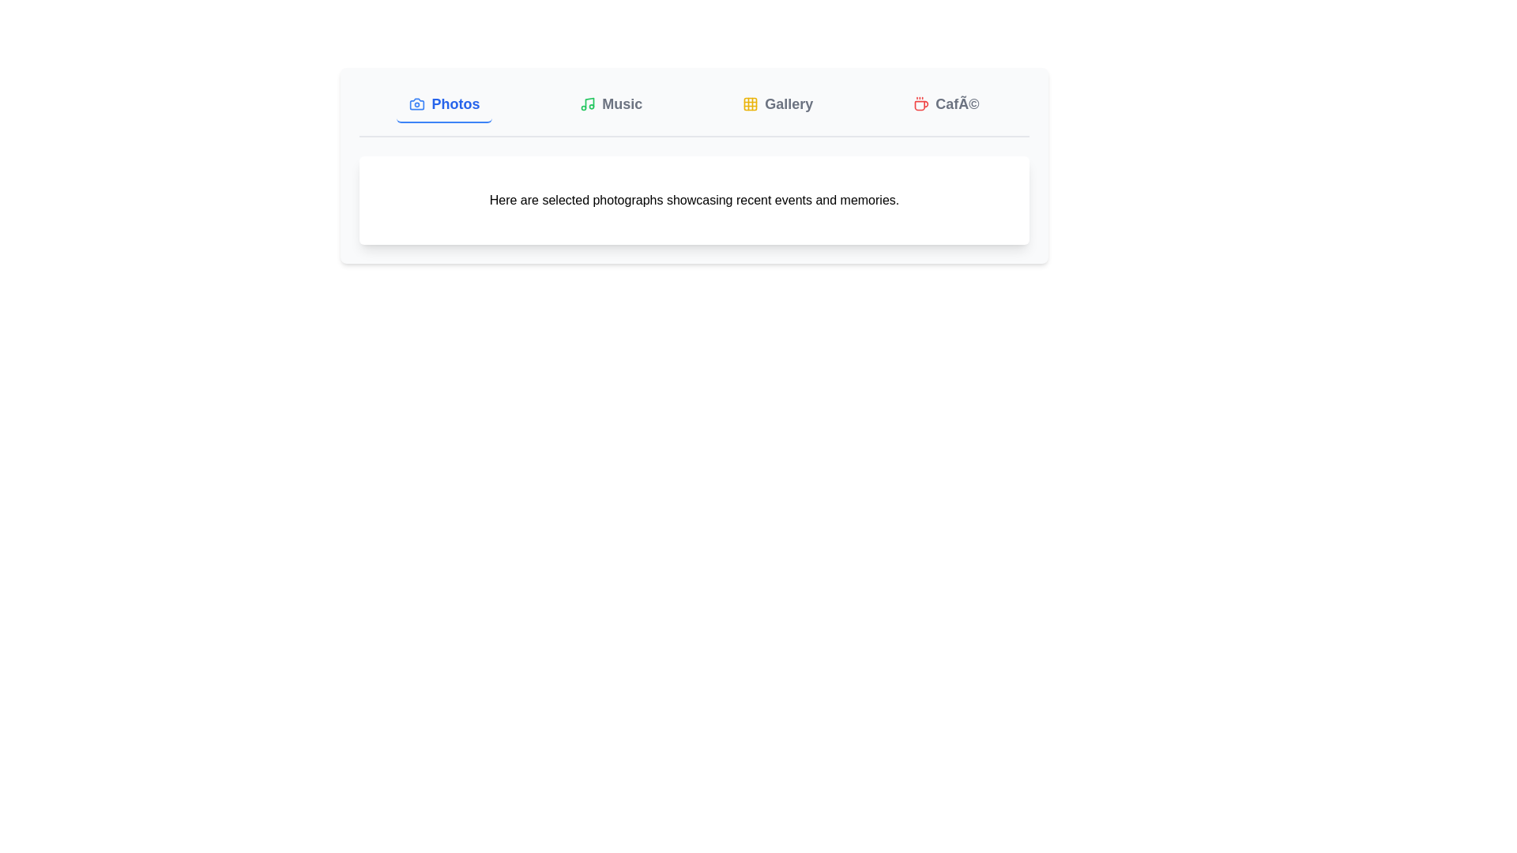  What do you see at coordinates (789, 103) in the screenshot?
I see `the 'Gallery' text label` at bounding box center [789, 103].